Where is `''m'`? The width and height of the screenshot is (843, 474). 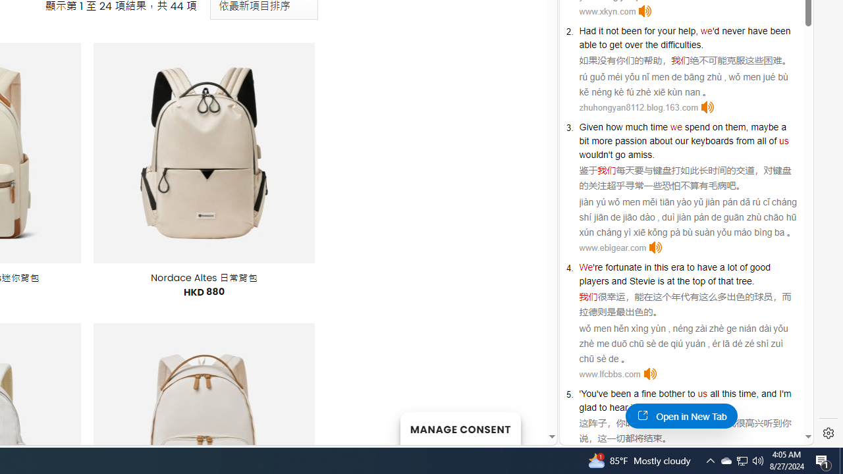 ''m' is located at coordinates (786, 392).